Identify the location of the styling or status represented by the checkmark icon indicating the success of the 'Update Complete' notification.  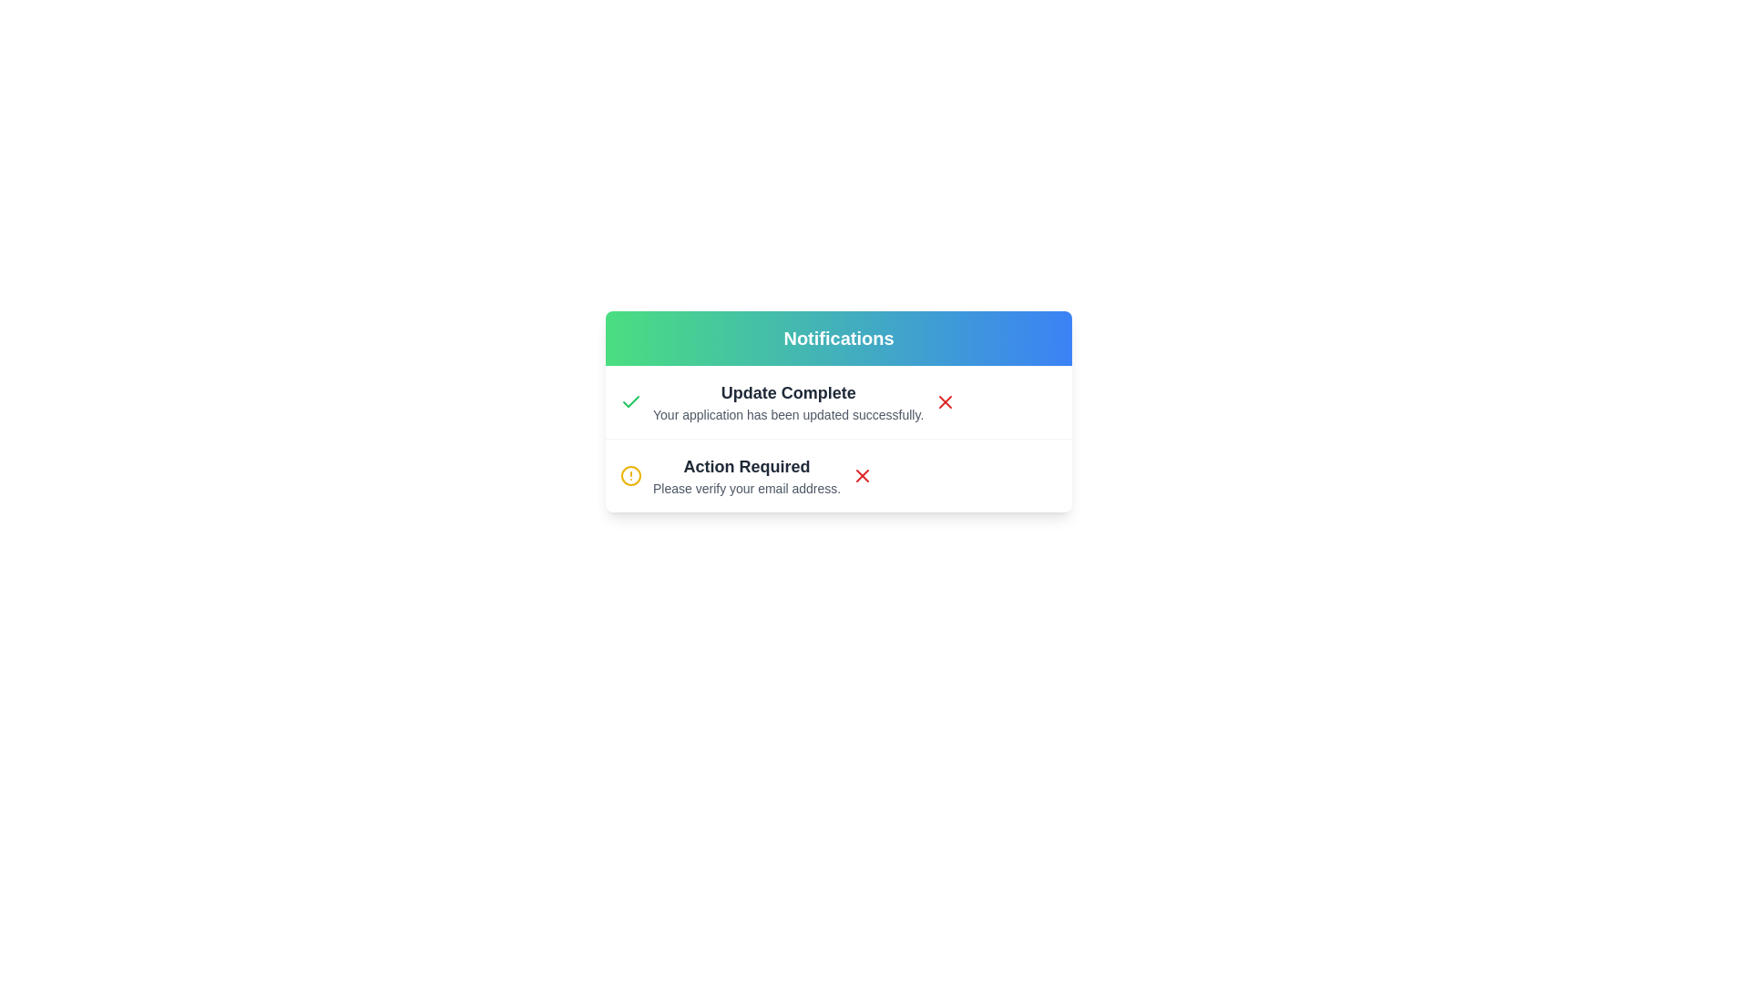
(630, 400).